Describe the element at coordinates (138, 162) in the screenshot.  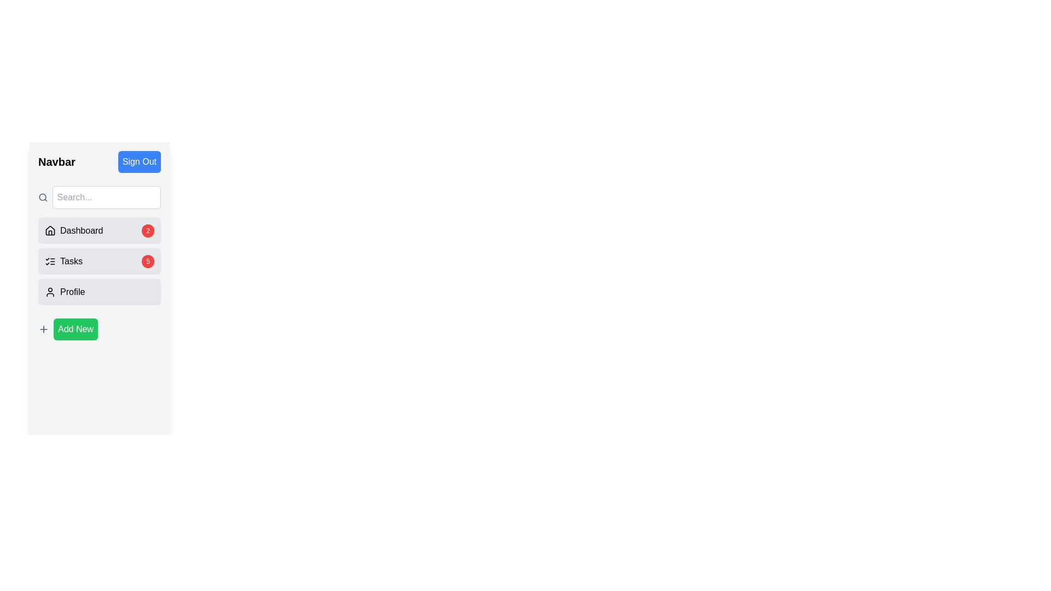
I see `the 'Sign Out' button with a blue background and white text, located in the 'Navbar' section of the sidebar` at that location.